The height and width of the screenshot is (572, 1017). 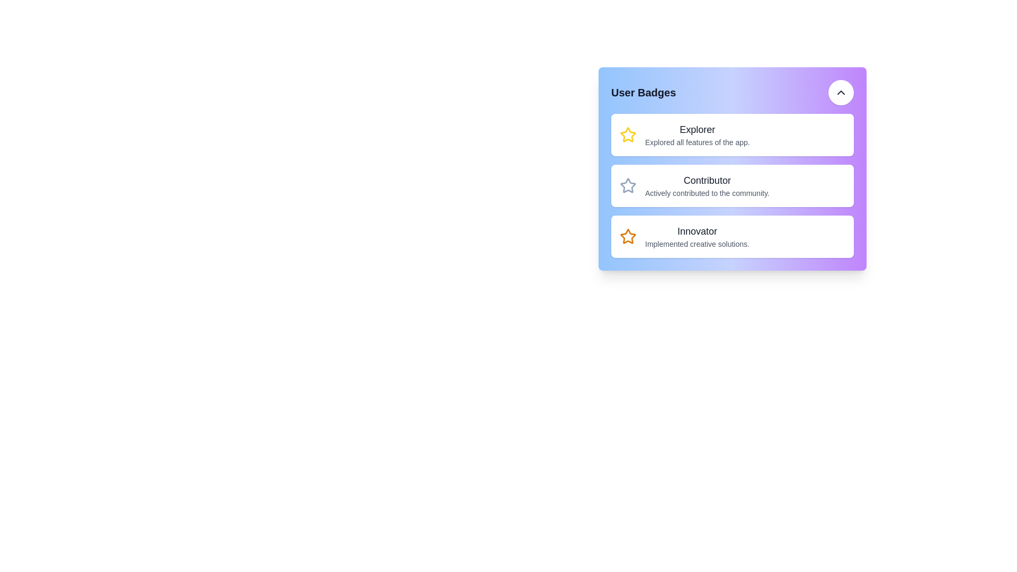 I want to click on the 'Contributor' text block which is the second item in the 'User Badges' section, positioned between 'Explorer' and 'Innovator', so click(x=707, y=185).